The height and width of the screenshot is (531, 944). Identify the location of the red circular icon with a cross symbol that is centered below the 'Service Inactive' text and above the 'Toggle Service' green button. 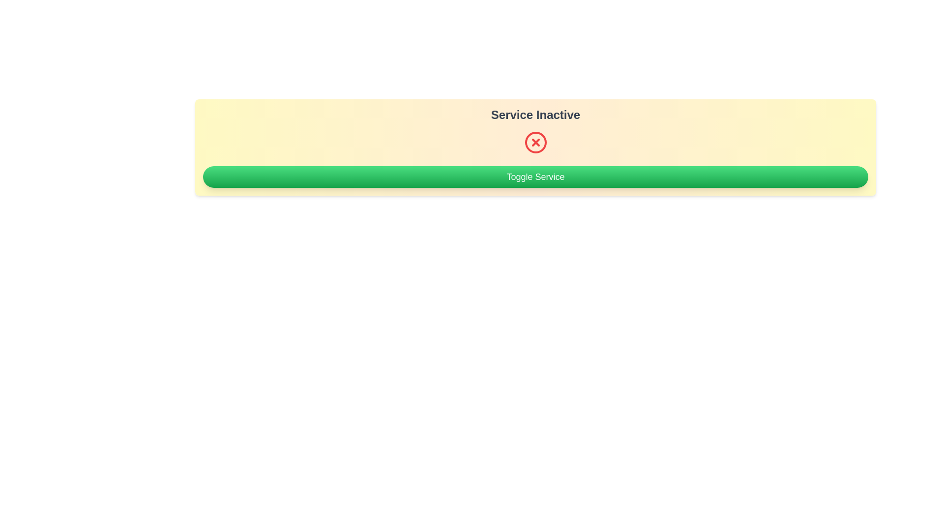
(535, 142).